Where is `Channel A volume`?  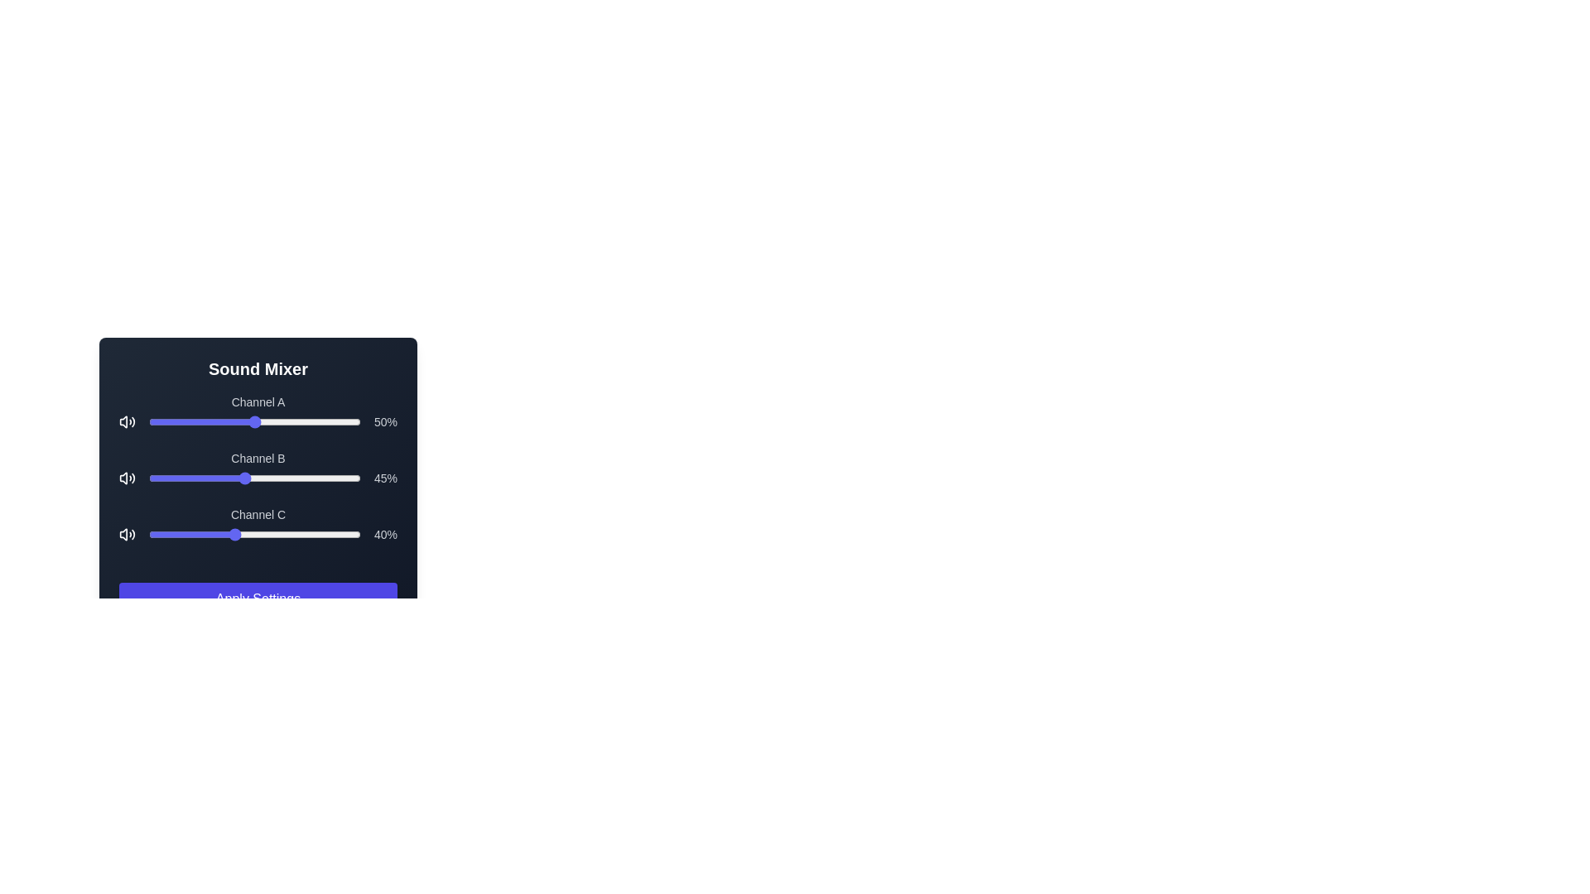
Channel A volume is located at coordinates (176, 421).